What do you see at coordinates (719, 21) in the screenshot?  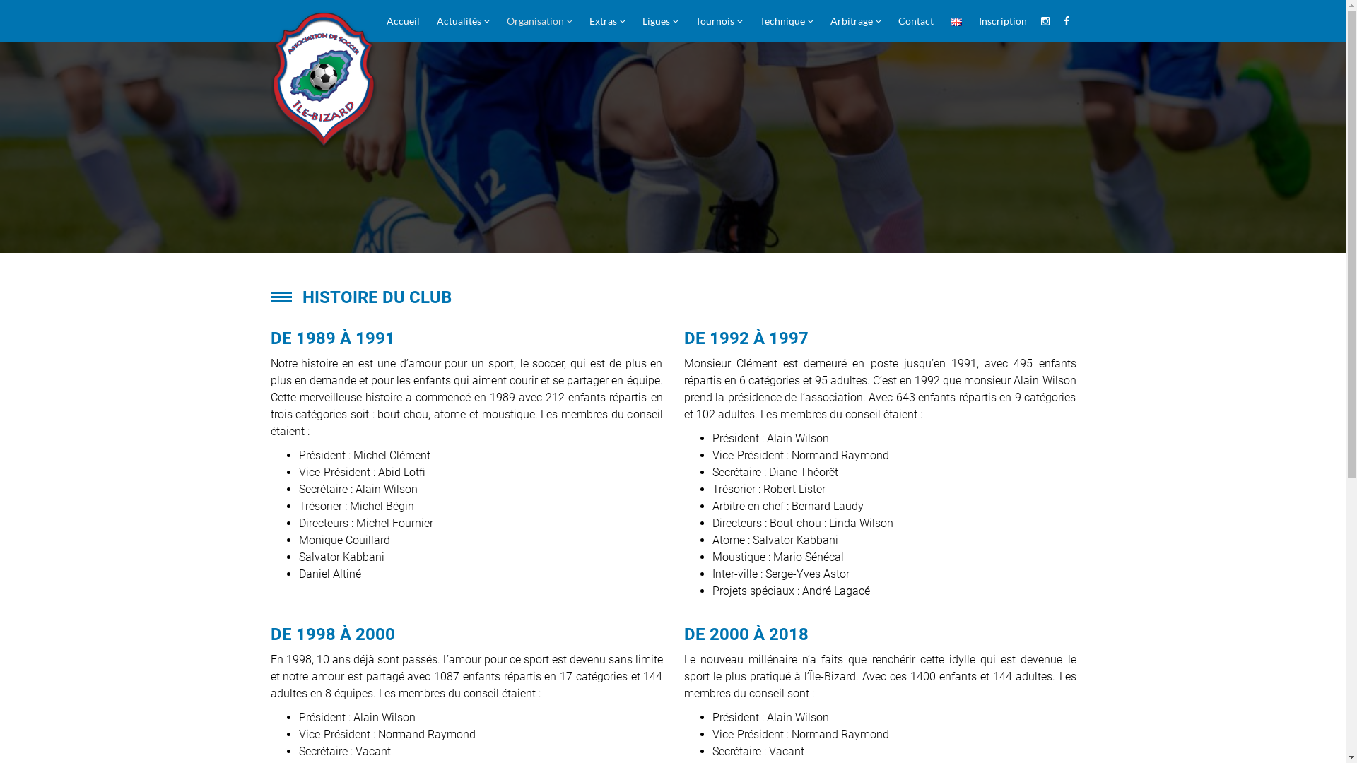 I see `'Tournois'` at bounding box center [719, 21].